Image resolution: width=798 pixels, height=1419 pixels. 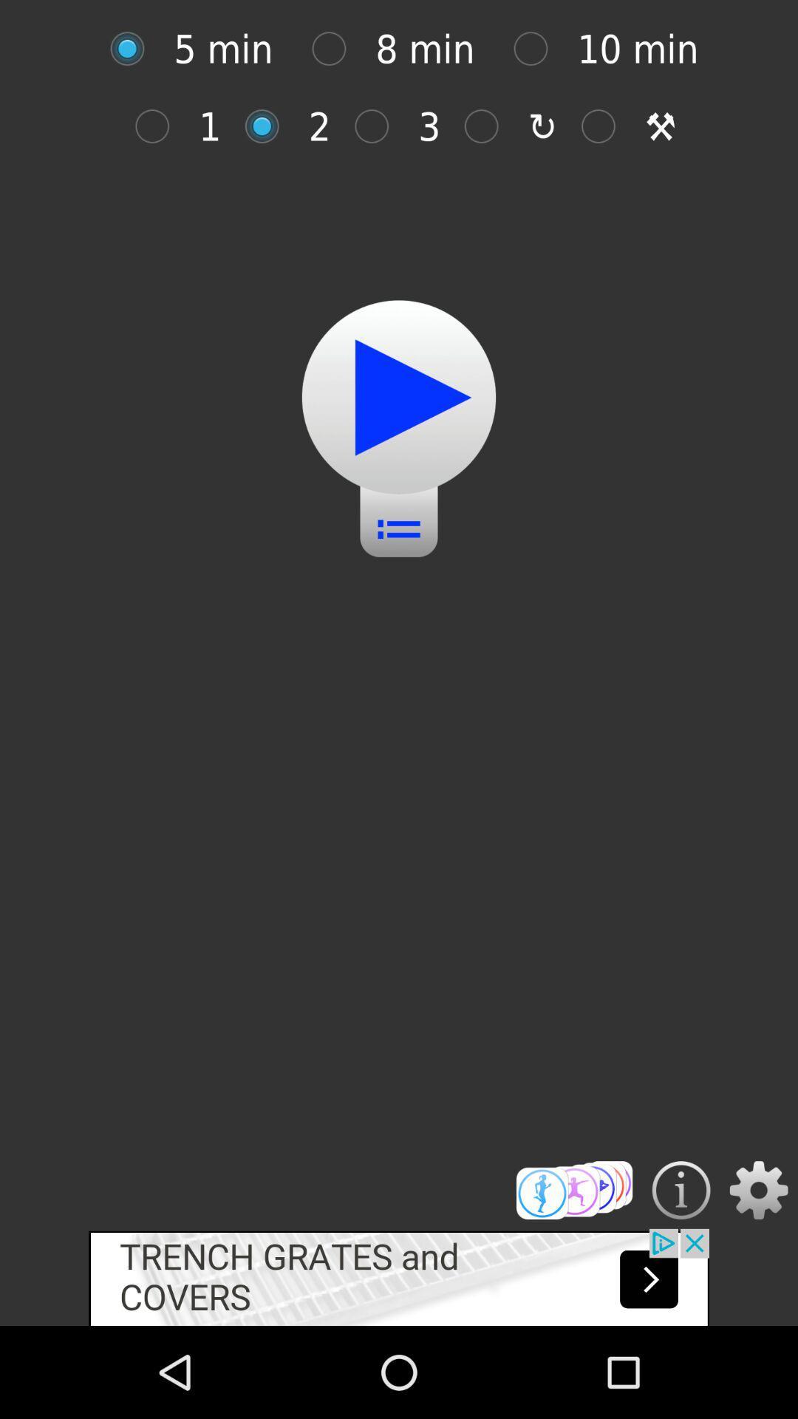 I want to click on option one, so click(x=160, y=126).